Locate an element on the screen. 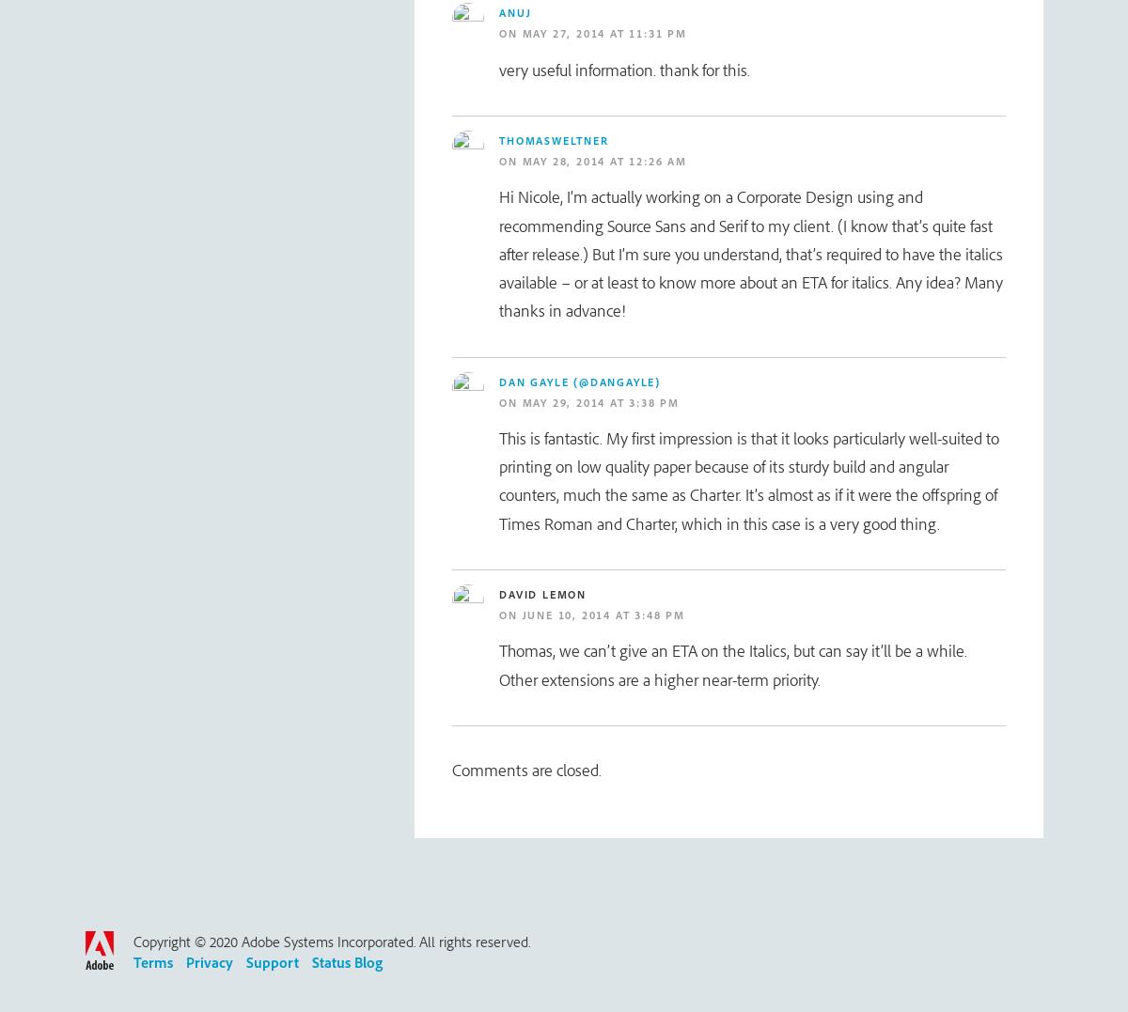 The image size is (1128, 1012). 'very useful information. thank for this.' is located at coordinates (498, 69).